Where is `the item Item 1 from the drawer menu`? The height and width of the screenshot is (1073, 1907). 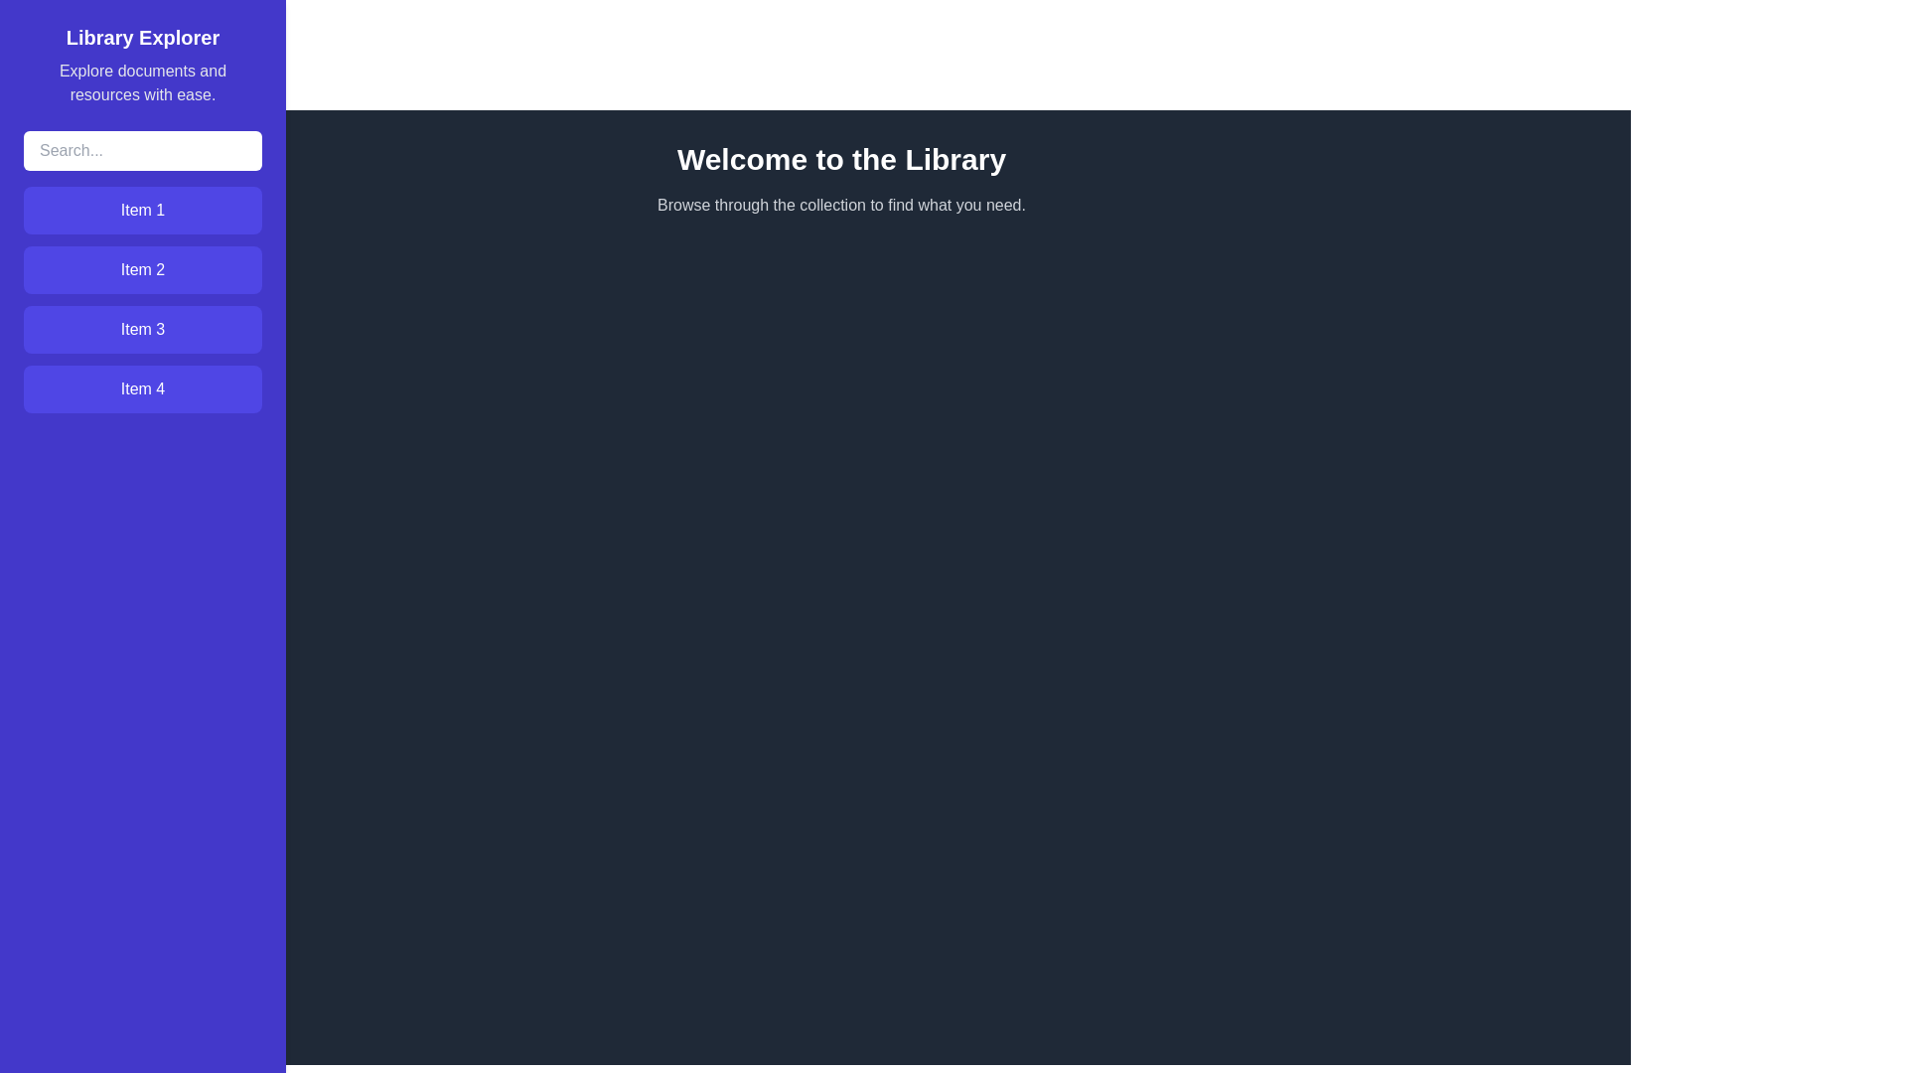 the item Item 1 from the drawer menu is located at coordinates (142, 211).